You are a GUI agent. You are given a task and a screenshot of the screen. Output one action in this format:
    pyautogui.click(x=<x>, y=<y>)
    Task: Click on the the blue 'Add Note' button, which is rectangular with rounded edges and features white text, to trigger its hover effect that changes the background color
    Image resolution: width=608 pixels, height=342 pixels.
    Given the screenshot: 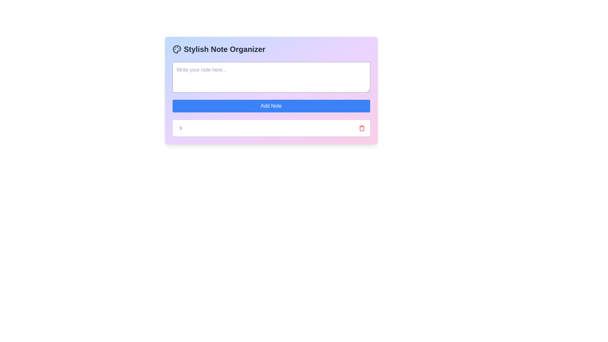 What is the action you would take?
    pyautogui.click(x=271, y=106)
    